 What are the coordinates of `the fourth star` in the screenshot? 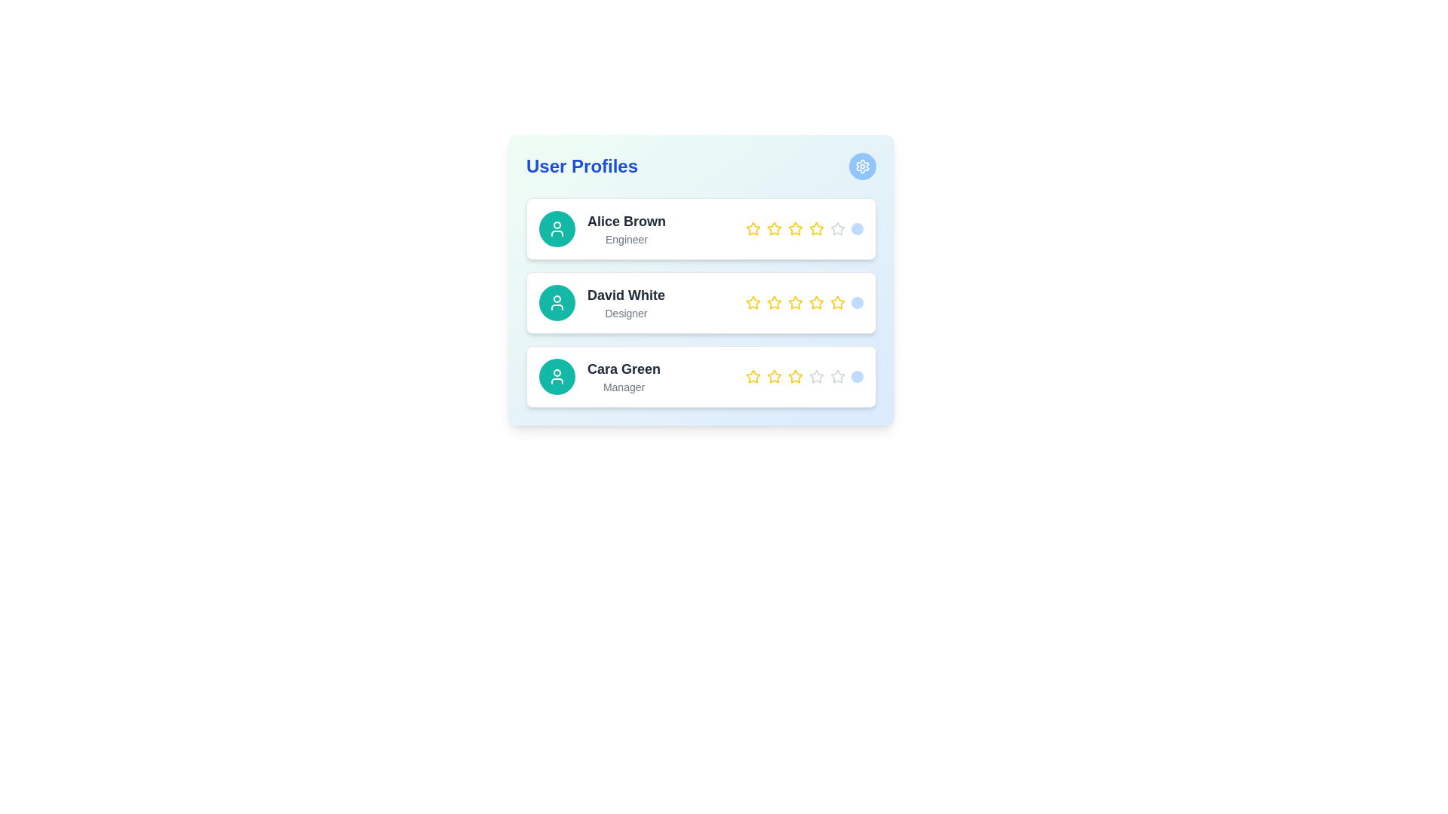 It's located at (816, 302).